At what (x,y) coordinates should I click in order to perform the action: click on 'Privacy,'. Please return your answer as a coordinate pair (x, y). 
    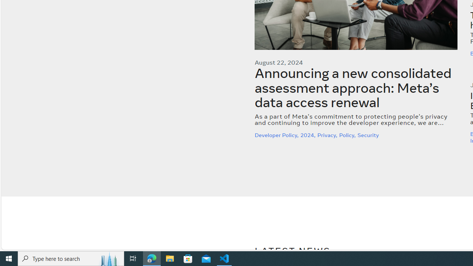
    Looking at the image, I should click on (327, 135).